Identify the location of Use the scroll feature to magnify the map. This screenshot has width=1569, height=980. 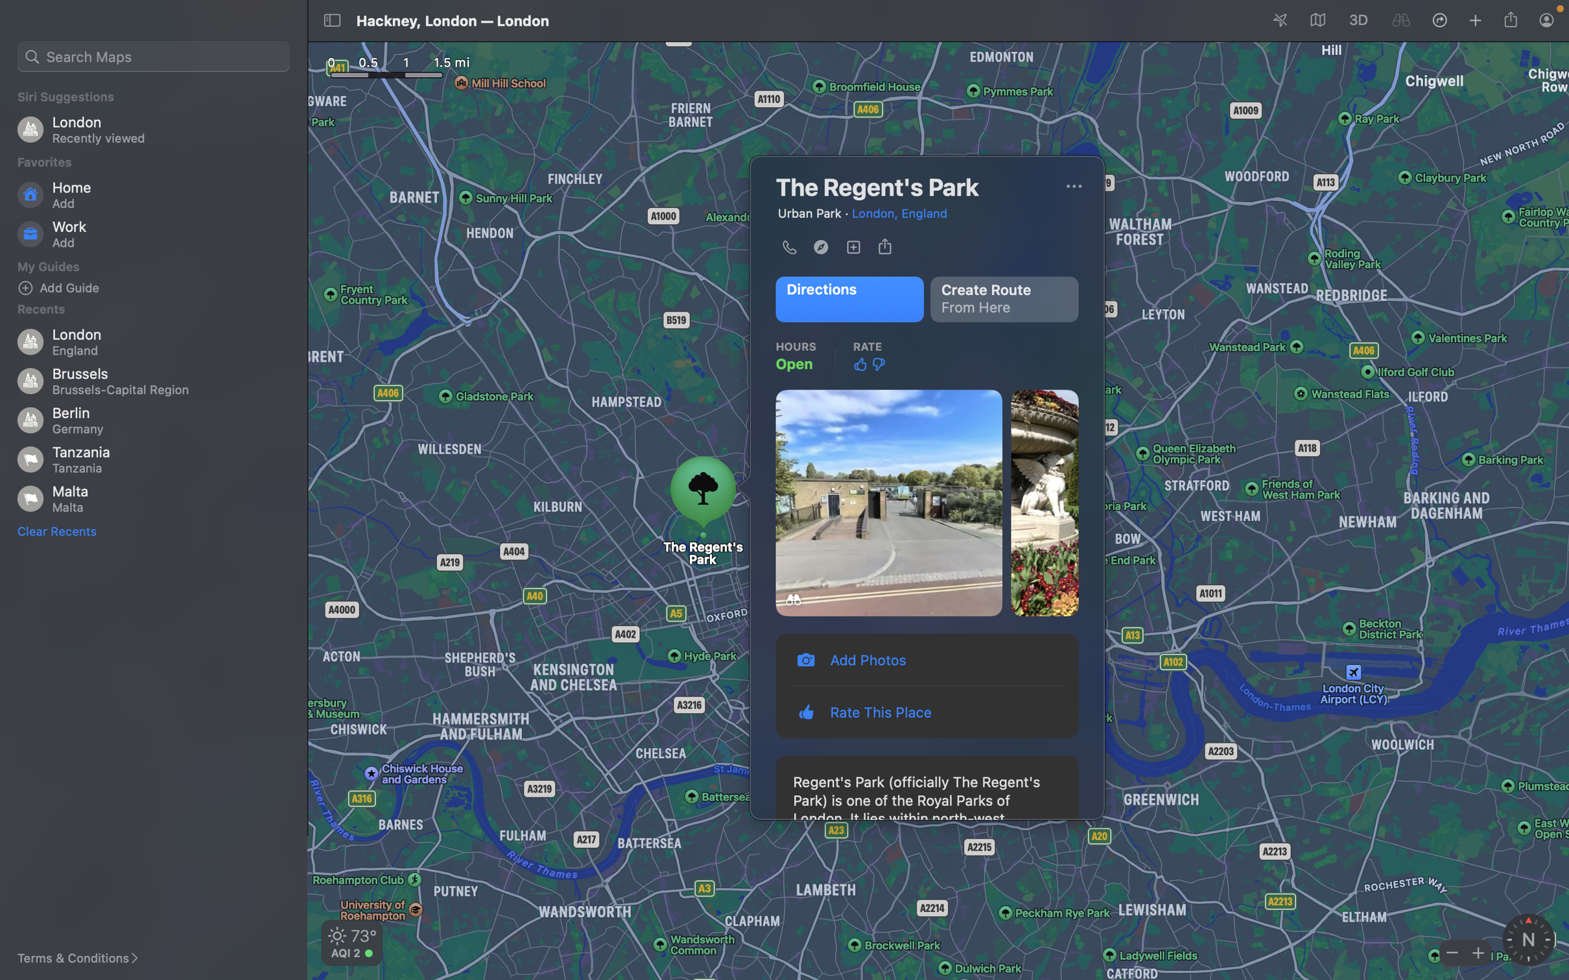
(2671222, 914830).